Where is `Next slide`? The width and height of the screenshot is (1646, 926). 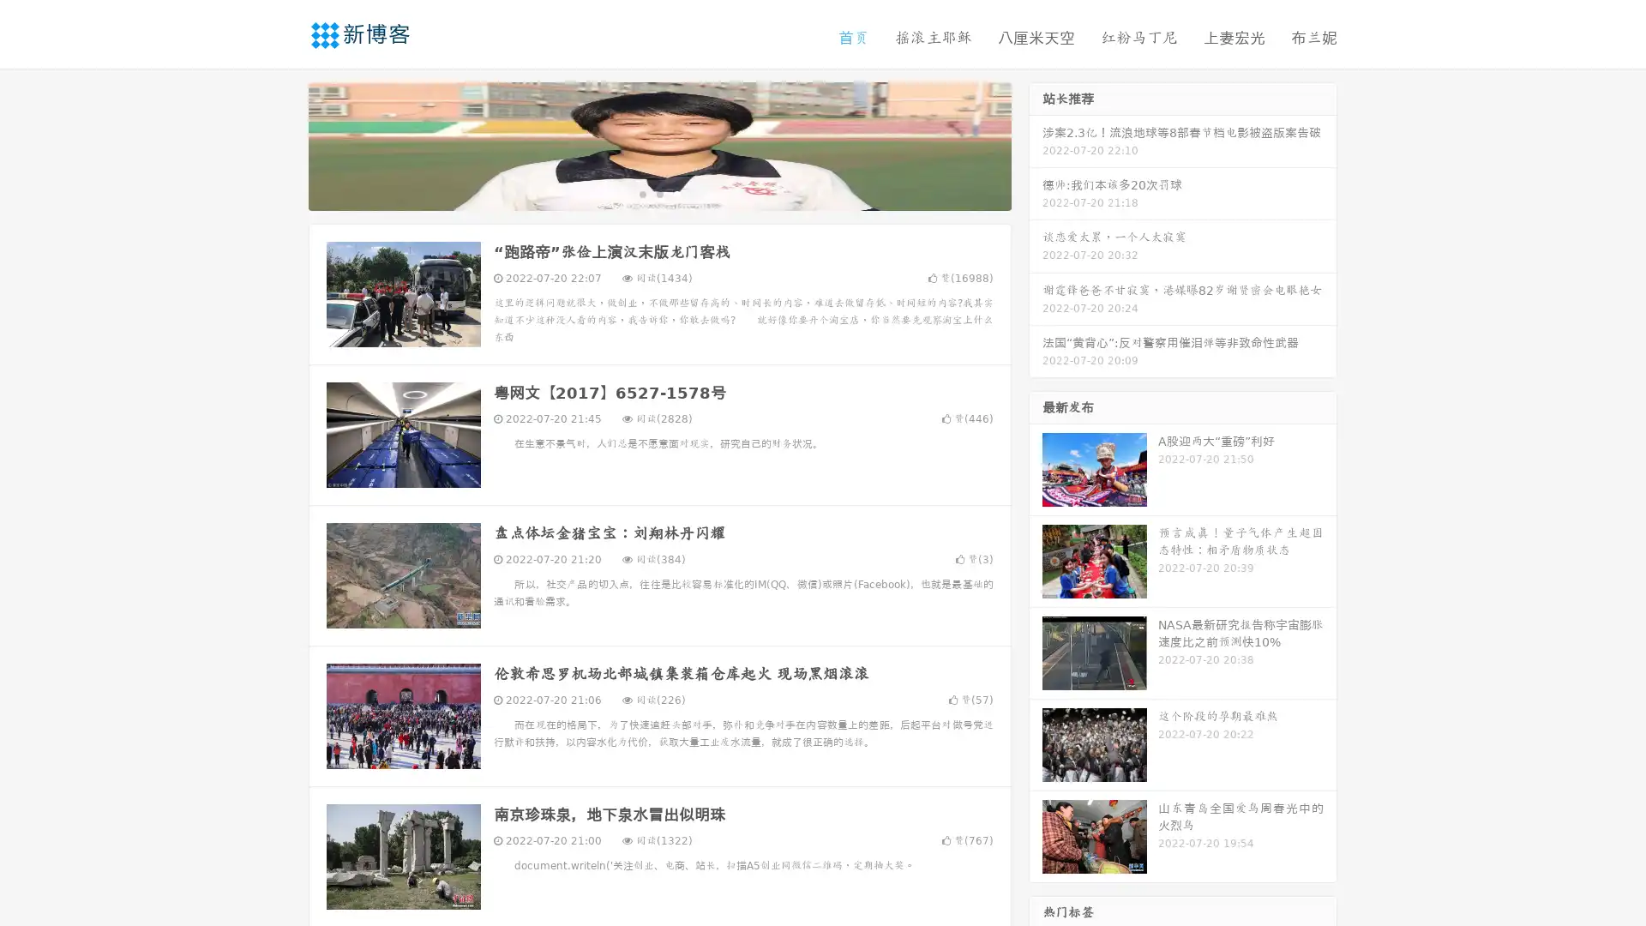 Next slide is located at coordinates (1036, 144).